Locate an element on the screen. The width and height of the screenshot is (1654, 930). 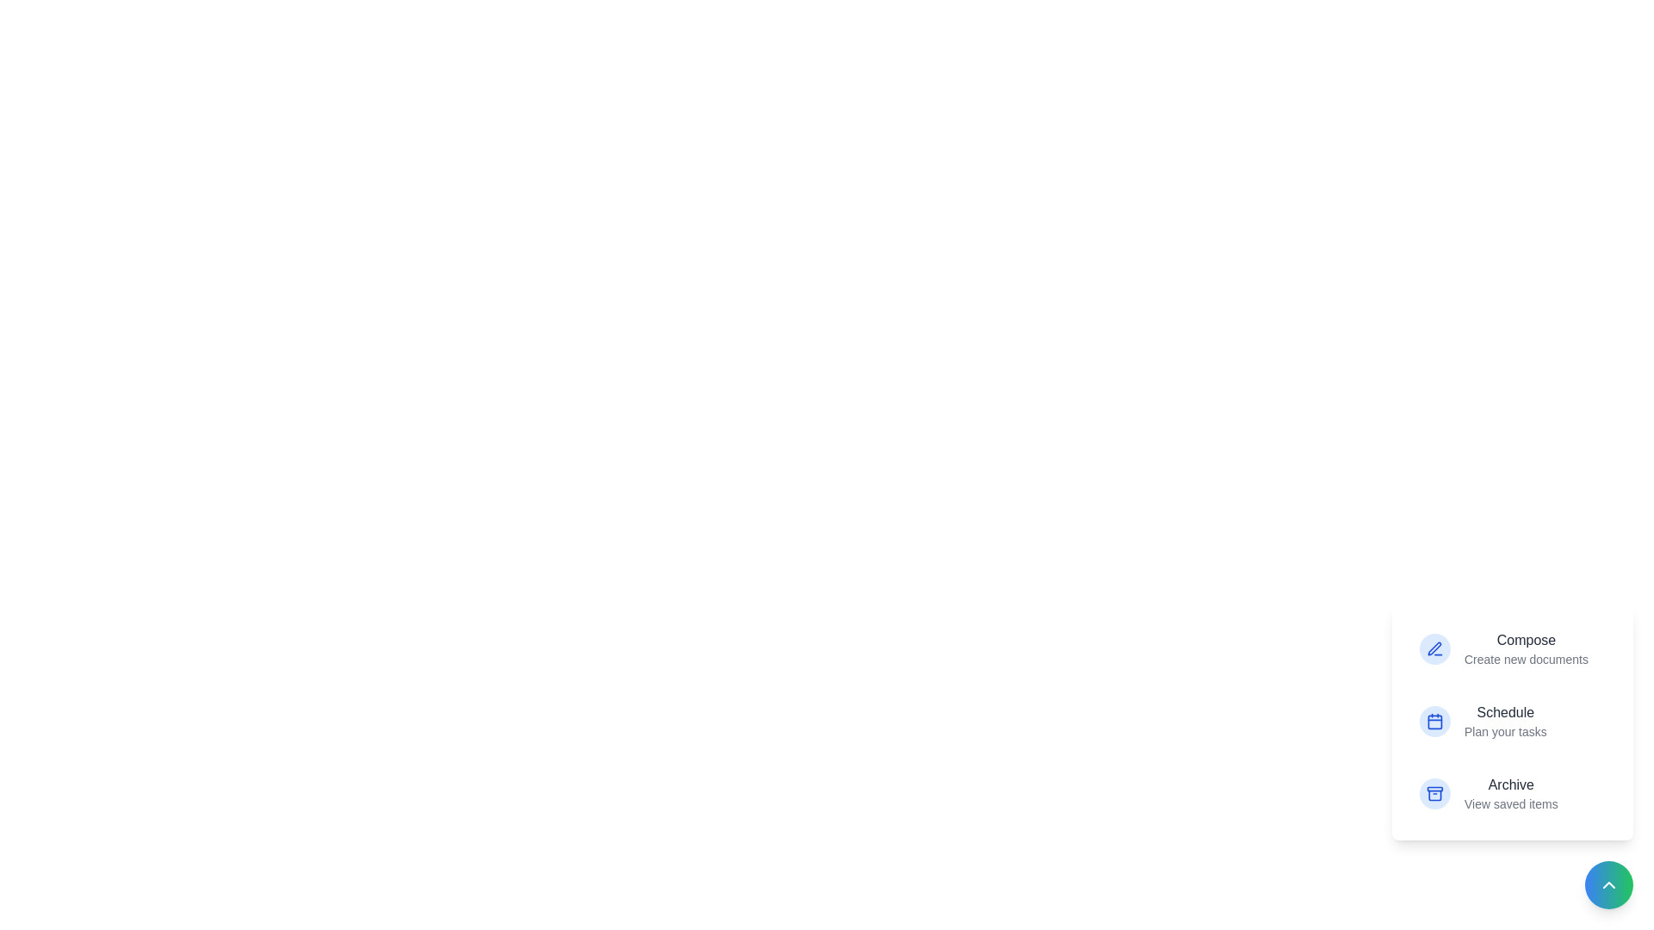
the 'Schedule' option to plan tasks is located at coordinates (1512, 721).